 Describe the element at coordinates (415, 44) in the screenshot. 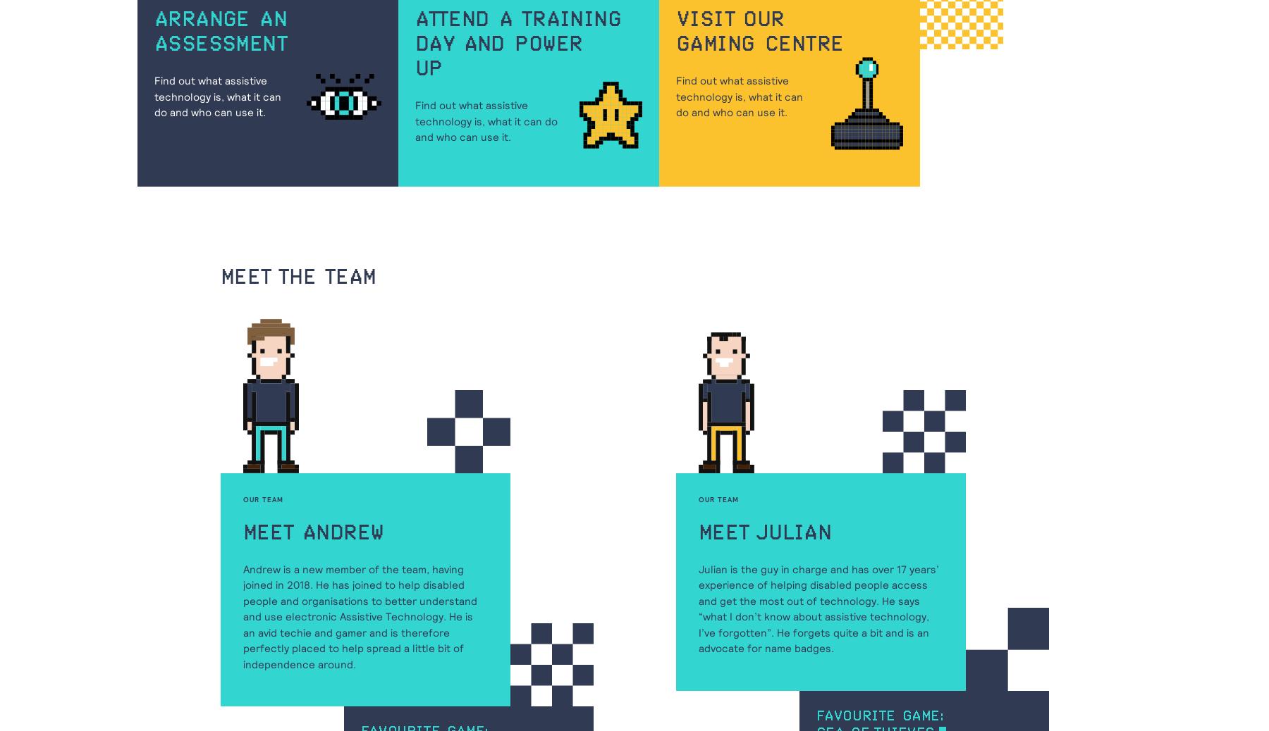

I see `'day and power'` at that location.